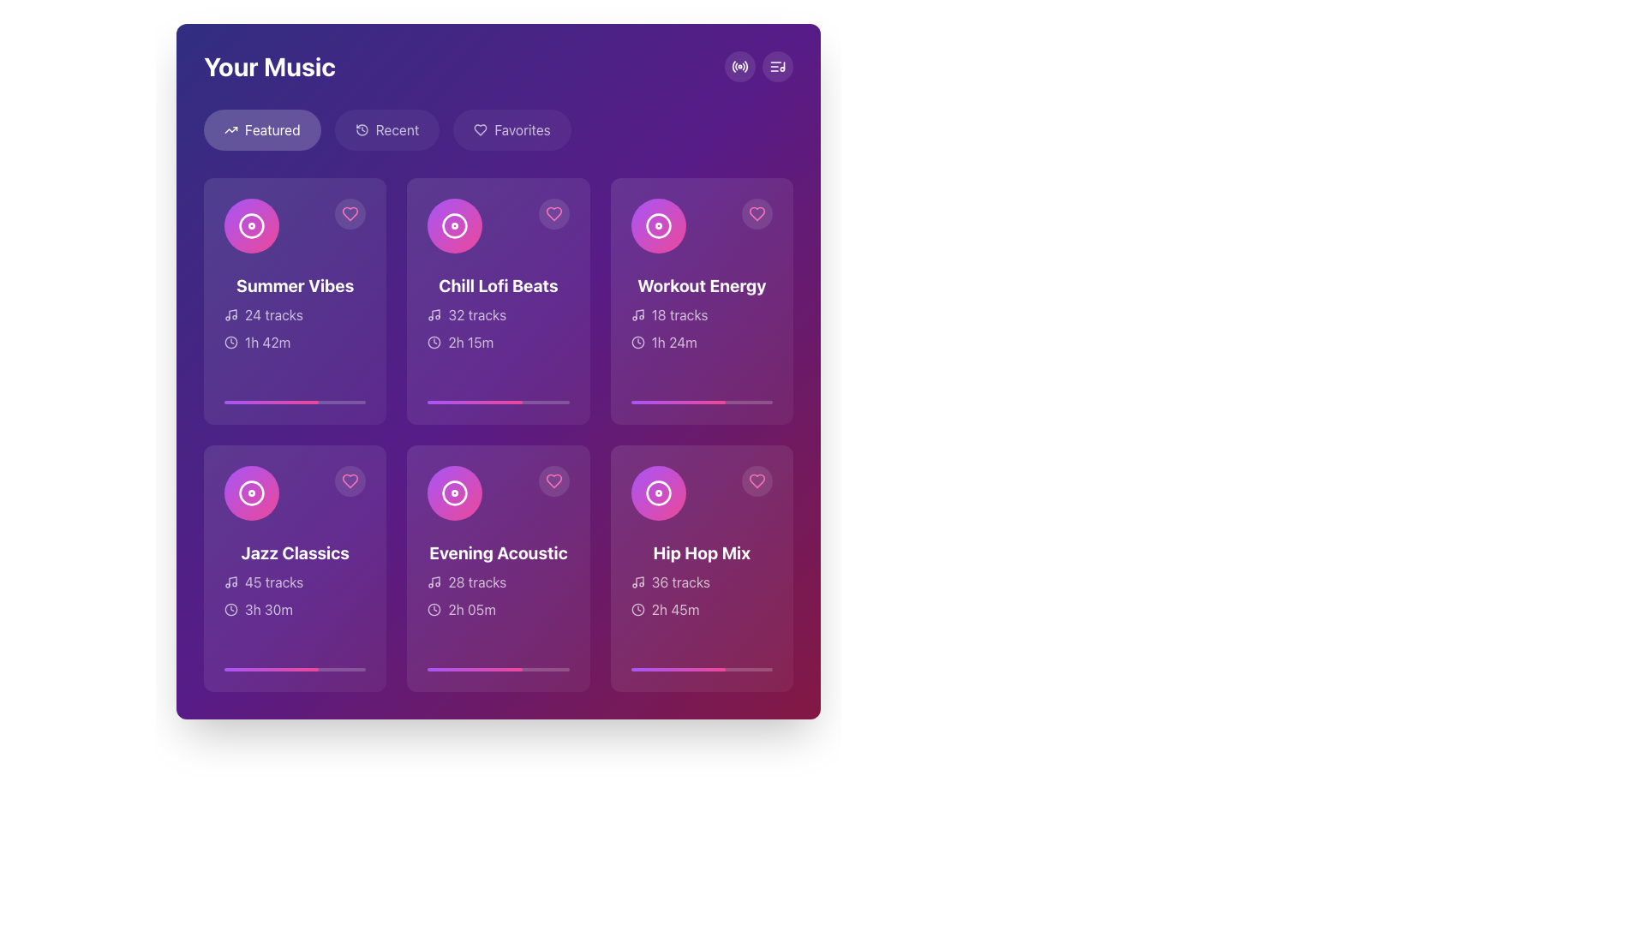 This screenshot has height=925, width=1645. I want to click on the vibrant gradient progress bar located at the bottom of the 'Workout Energy' card, which is positioned directly below the text '1h 24m', so click(677, 403).